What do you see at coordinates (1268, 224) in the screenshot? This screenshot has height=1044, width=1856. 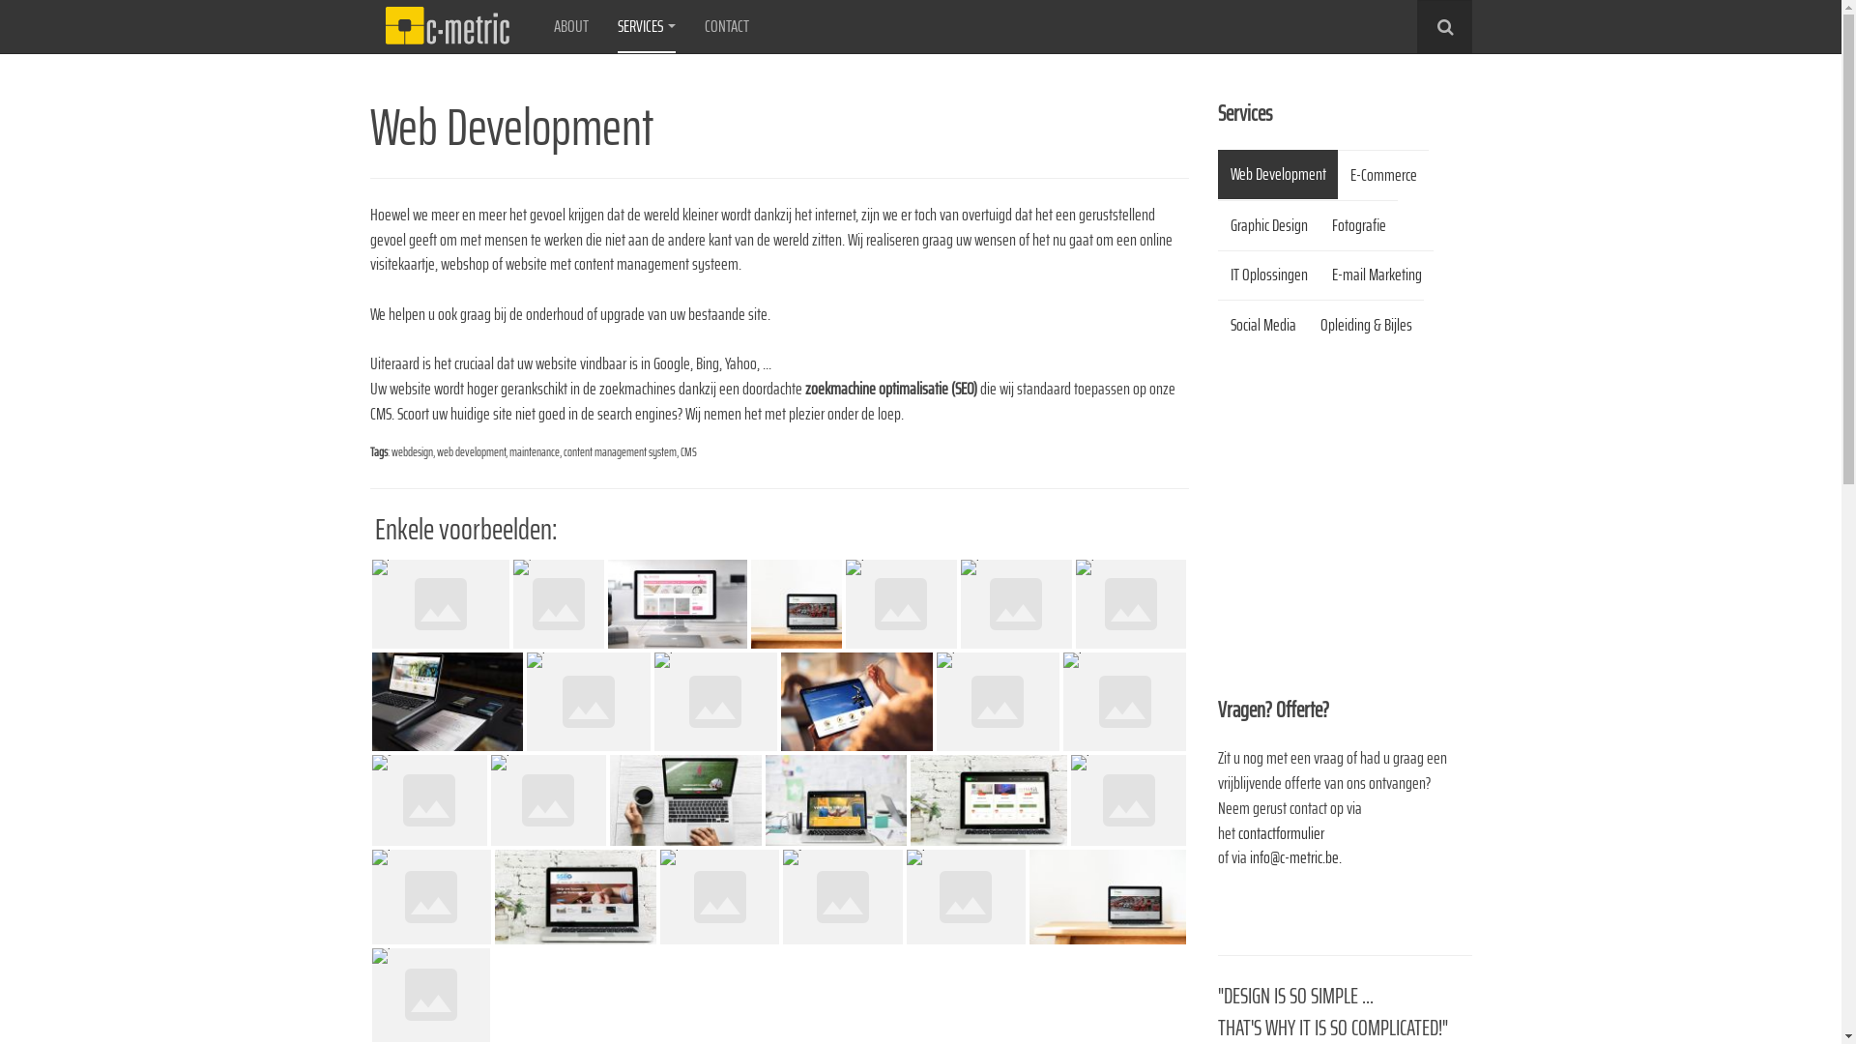 I see `'Graphic Design'` at bounding box center [1268, 224].